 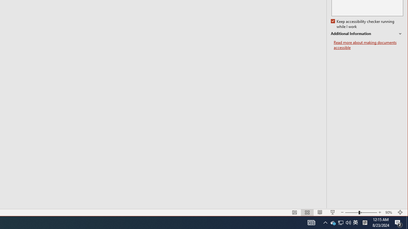 What do you see at coordinates (389, 212) in the screenshot?
I see `'Zoom 90%'` at bounding box center [389, 212].